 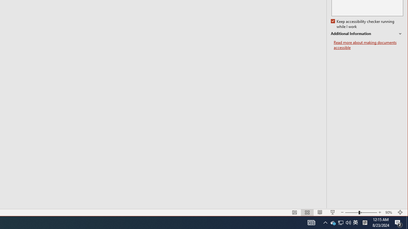 What do you see at coordinates (389, 212) in the screenshot?
I see `'Zoom 90%'` at bounding box center [389, 212].